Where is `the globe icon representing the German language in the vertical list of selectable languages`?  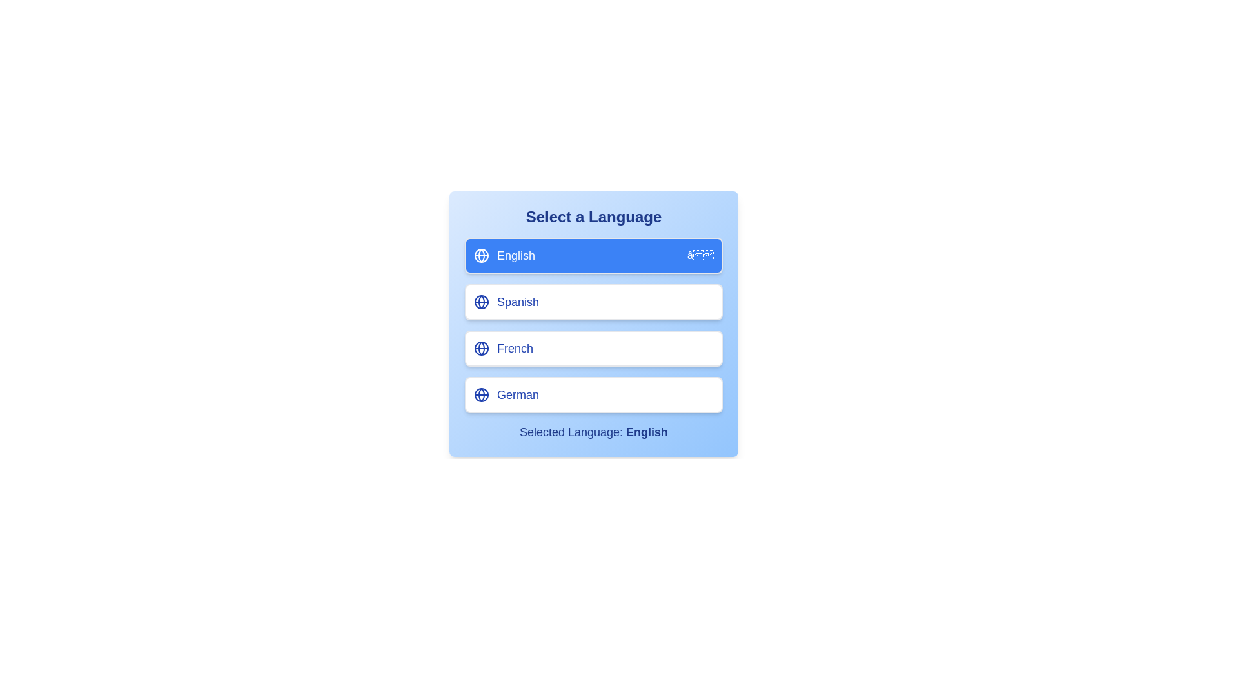
the globe icon representing the German language in the vertical list of selectable languages is located at coordinates (481, 394).